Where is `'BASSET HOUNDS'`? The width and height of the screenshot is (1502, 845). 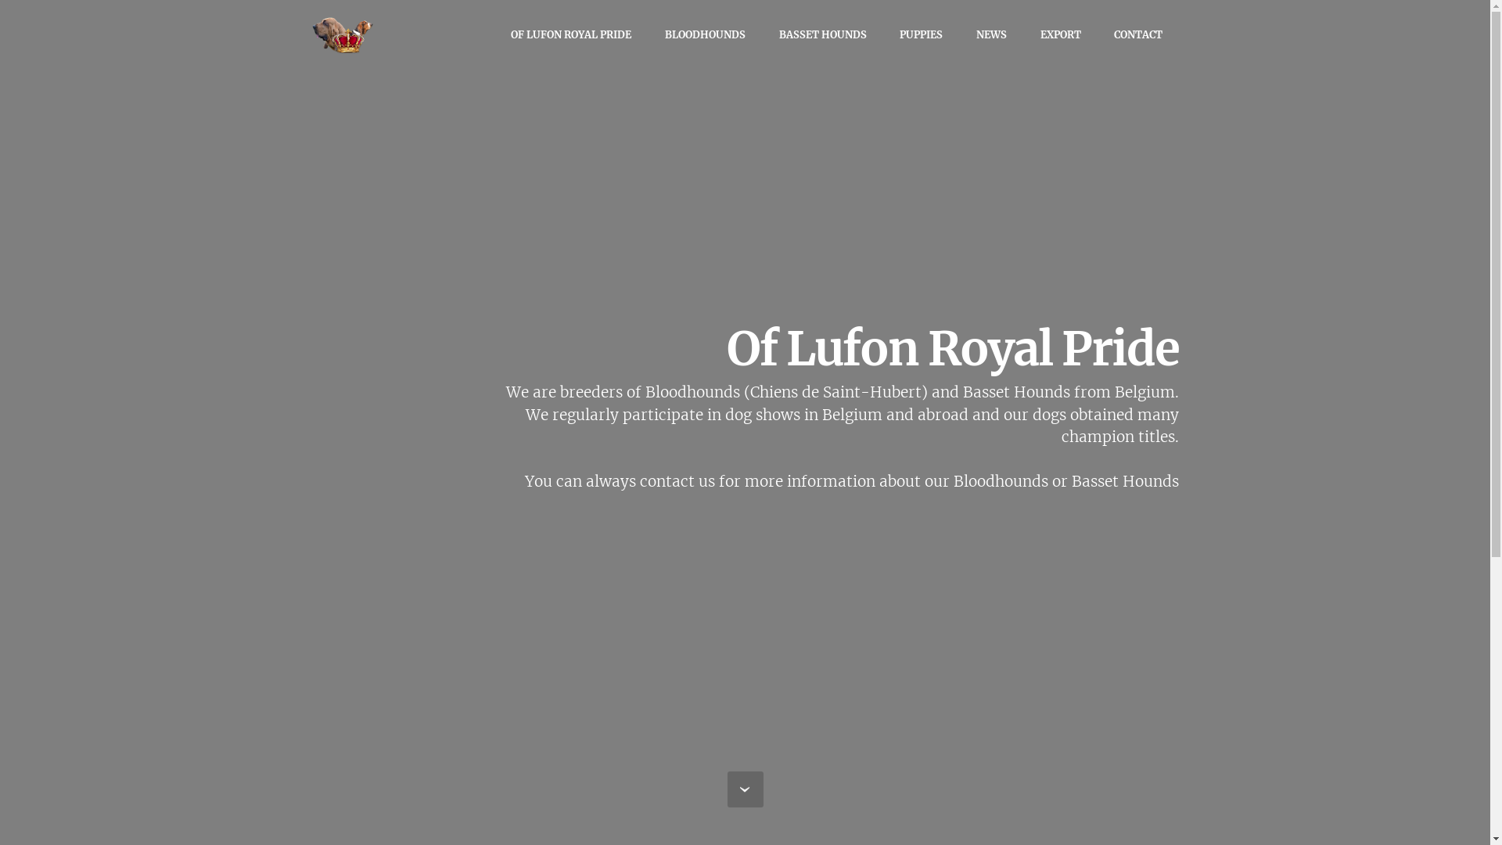 'BASSET HOUNDS' is located at coordinates (821, 34).